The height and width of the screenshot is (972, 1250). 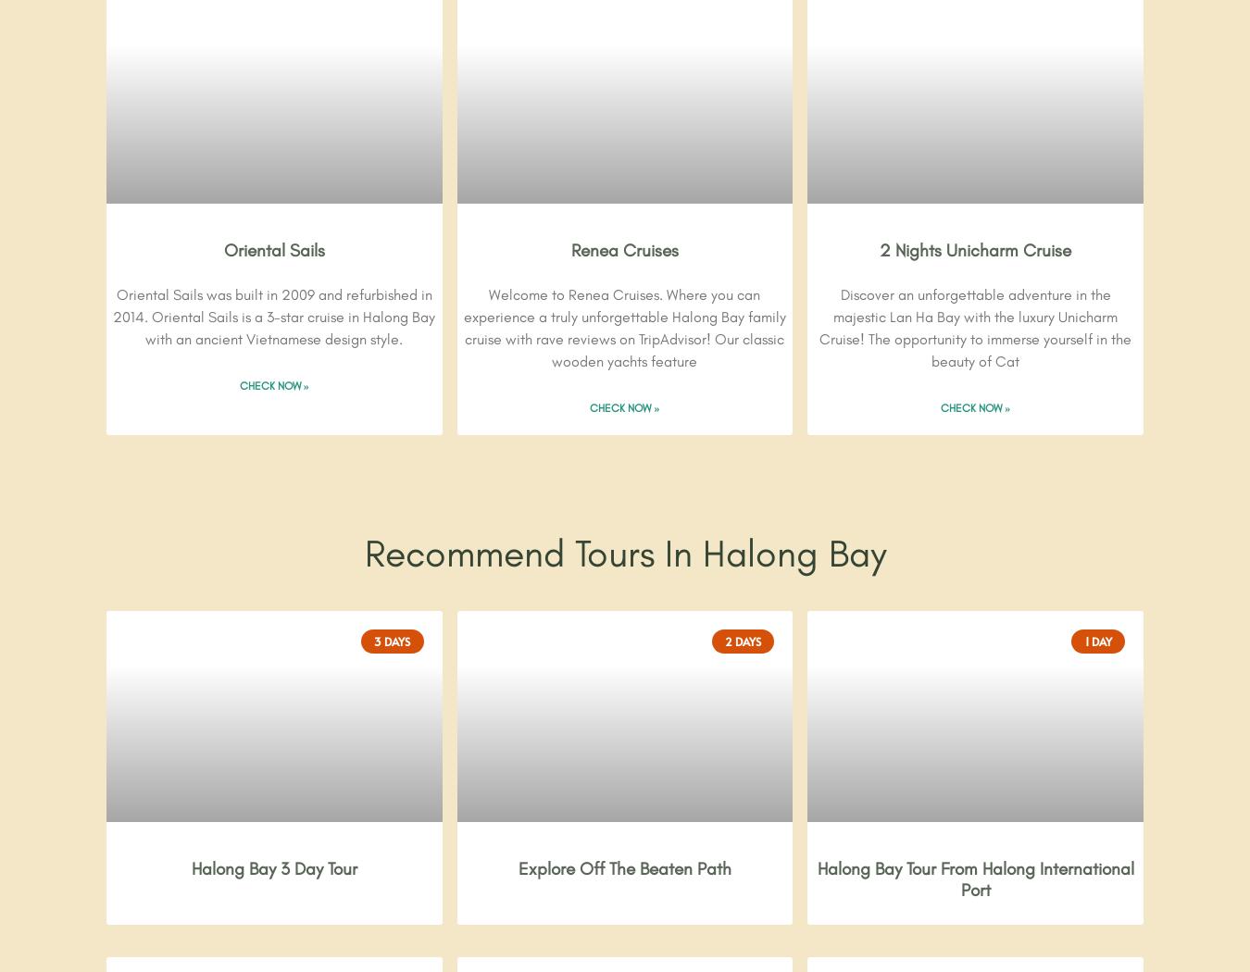 What do you see at coordinates (273, 317) in the screenshot?
I see `'Oriental Sails was built in 2009 and refurbished in 2014. Oriental Sails is a 3-star cruise in Halong Bay with an ancient Vietnamese design style.'` at bounding box center [273, 317].